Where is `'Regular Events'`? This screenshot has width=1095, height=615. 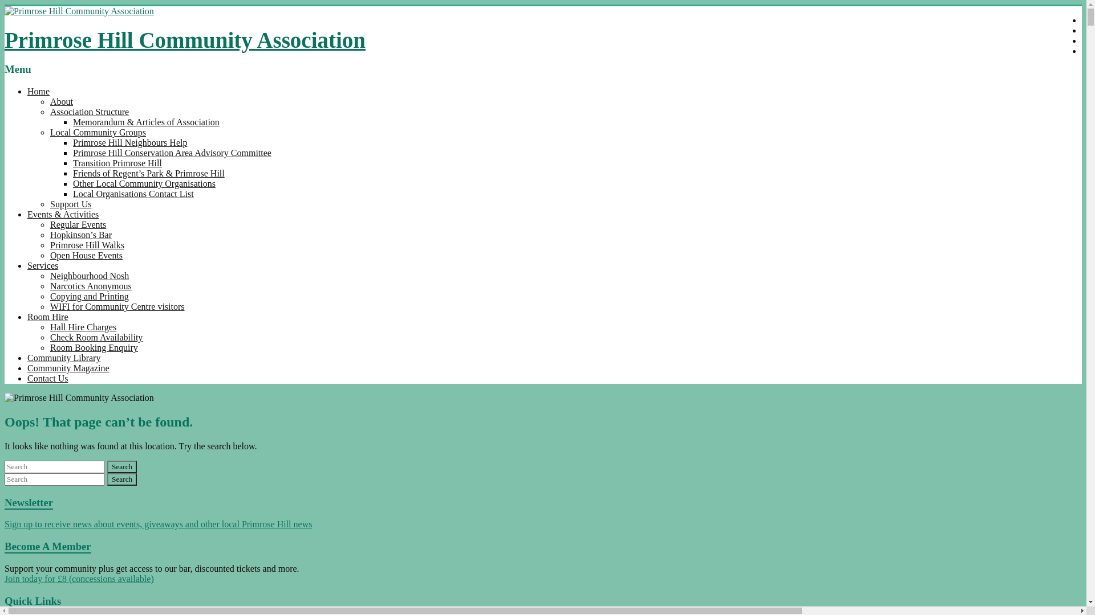
'Regular Events' is located at coordinates (78, 224).